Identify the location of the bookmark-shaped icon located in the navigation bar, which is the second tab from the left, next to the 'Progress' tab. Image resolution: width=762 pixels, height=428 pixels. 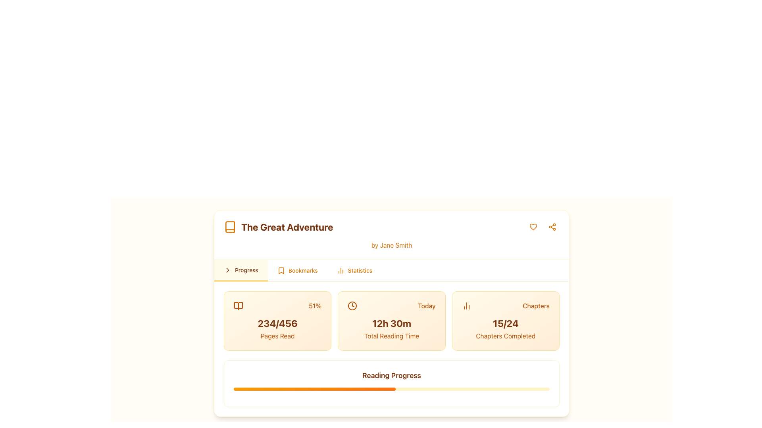
(281, 270).